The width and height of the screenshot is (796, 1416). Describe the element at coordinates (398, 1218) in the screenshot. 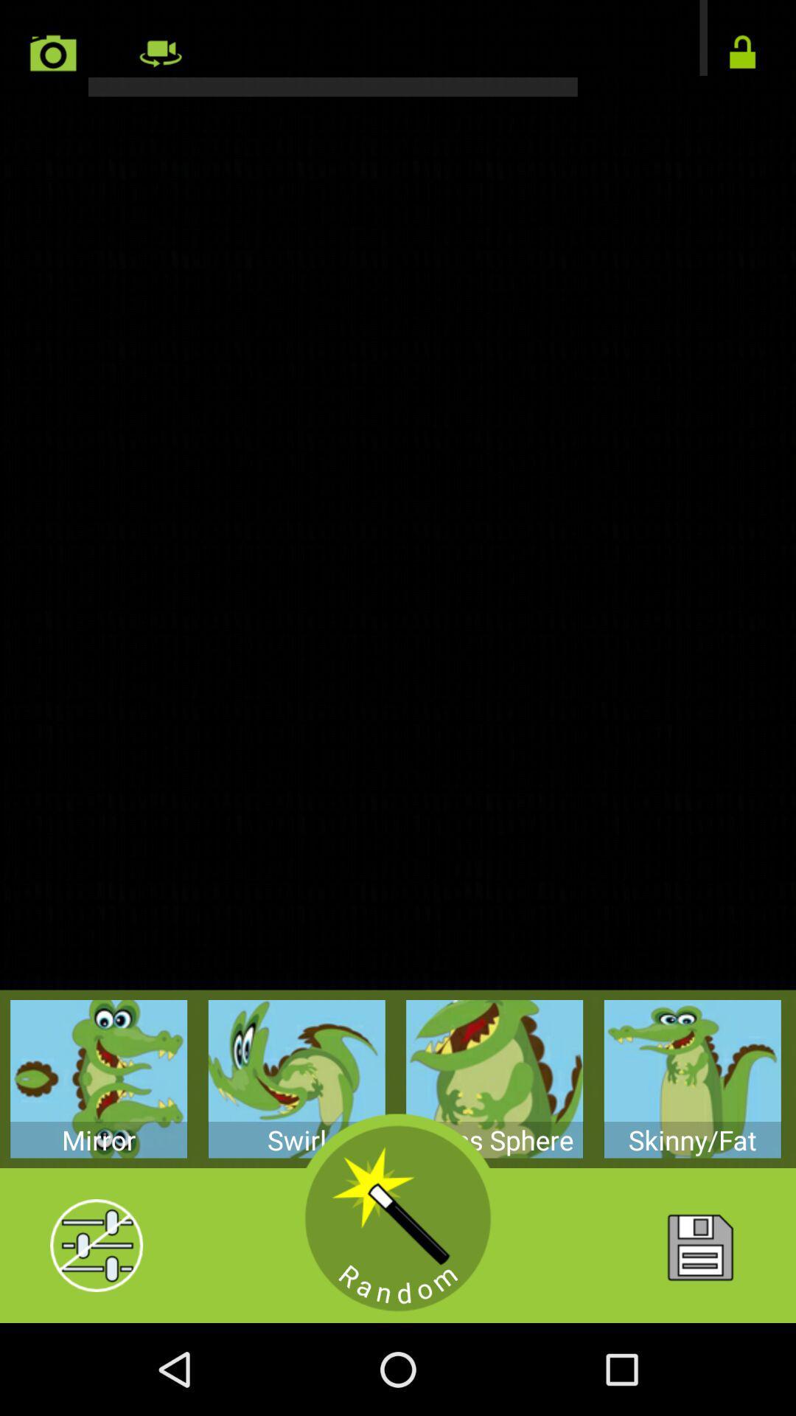

I see `a random tool` at that location.